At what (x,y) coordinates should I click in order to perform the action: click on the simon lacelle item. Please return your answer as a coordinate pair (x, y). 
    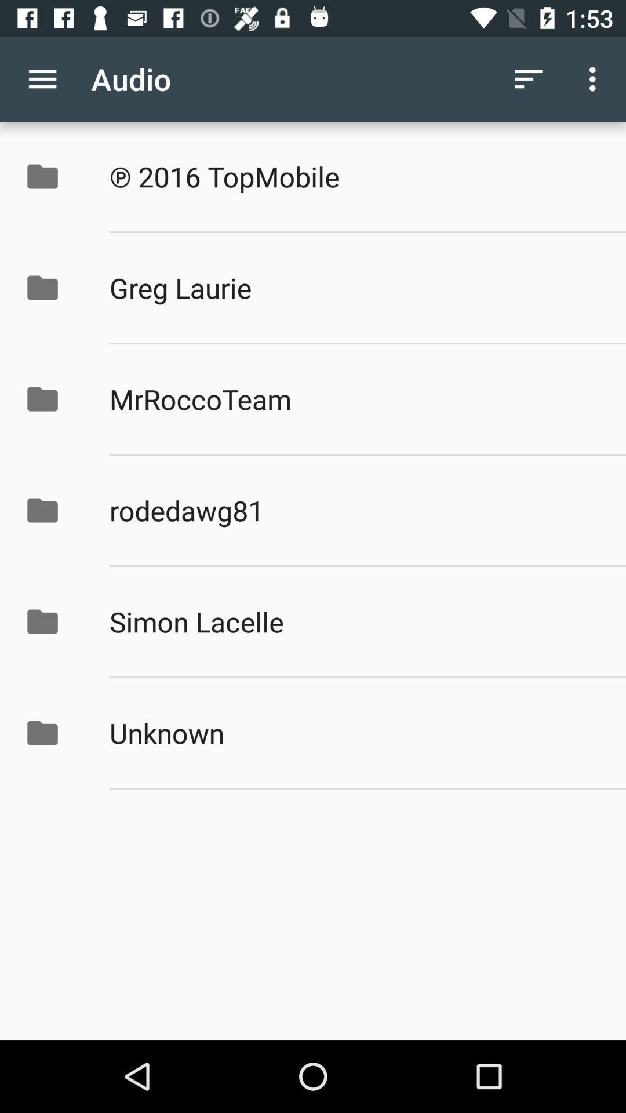
    Looking at the image, I should click on (355, 621).